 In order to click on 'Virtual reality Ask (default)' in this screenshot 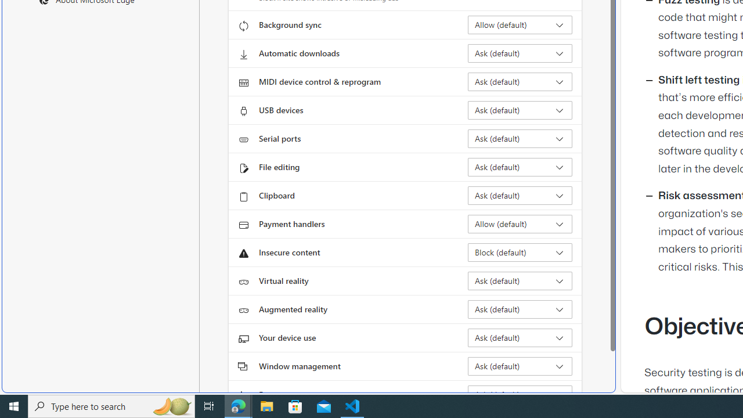, I will do `click(520, 280)`.